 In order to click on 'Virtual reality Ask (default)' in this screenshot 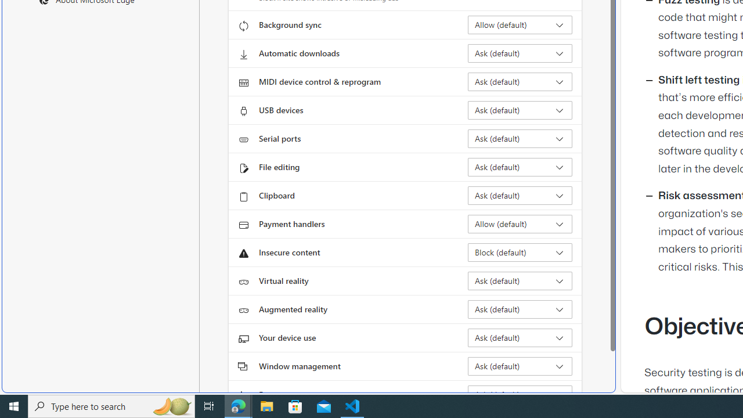, I will do `click(520, 280)`.